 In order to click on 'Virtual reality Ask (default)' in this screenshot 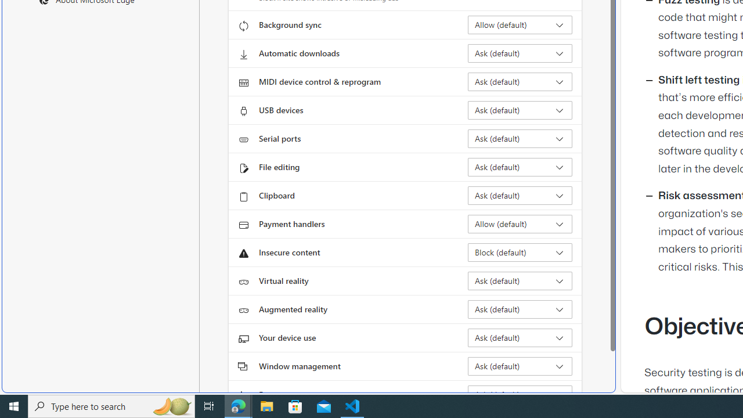, I will do `click(520, 280)`.